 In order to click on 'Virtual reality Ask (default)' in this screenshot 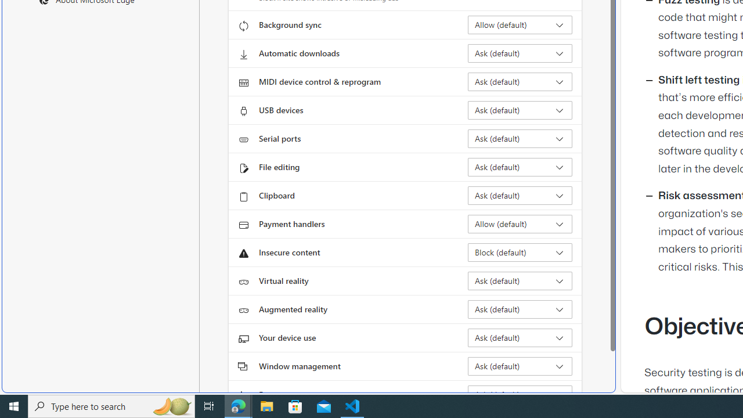, I will do `click(520, 280)`.